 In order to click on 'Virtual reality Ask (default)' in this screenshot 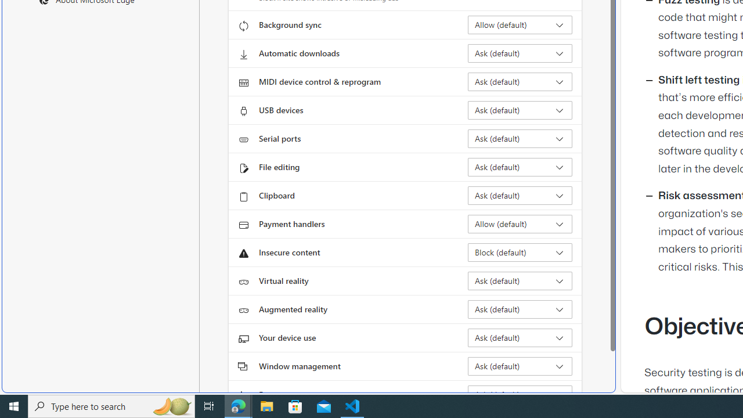, I will do `click(520, 280)`.